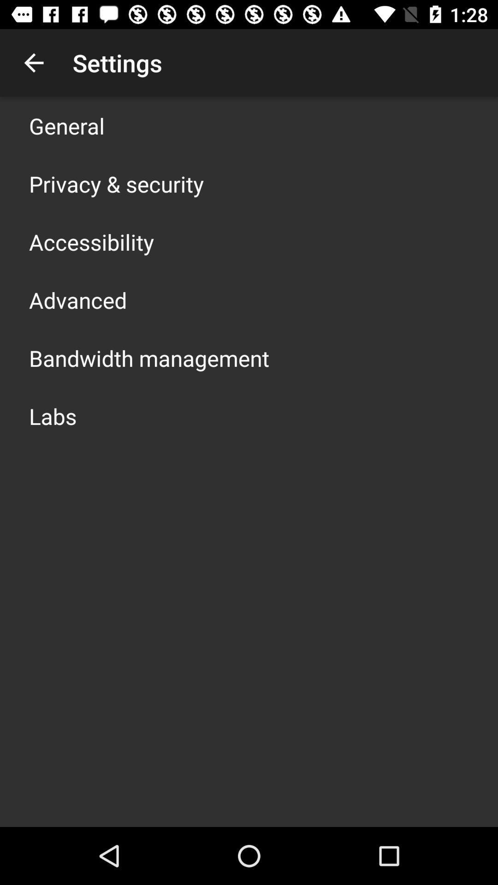 This screenshot has height=885, width=498. Describe the element at coordinates (33, 62) in the screenshot. I see `icon next to the settings icon` at that location.